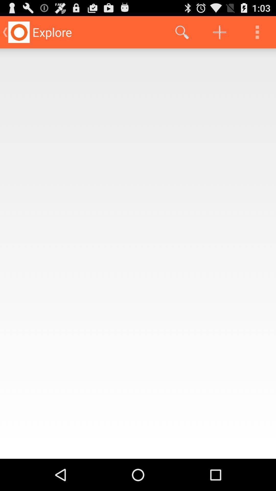  What do you see at coordinates (138, 253) in the screenshot?
I see `the item at the center` at bounding box center [138, 253].